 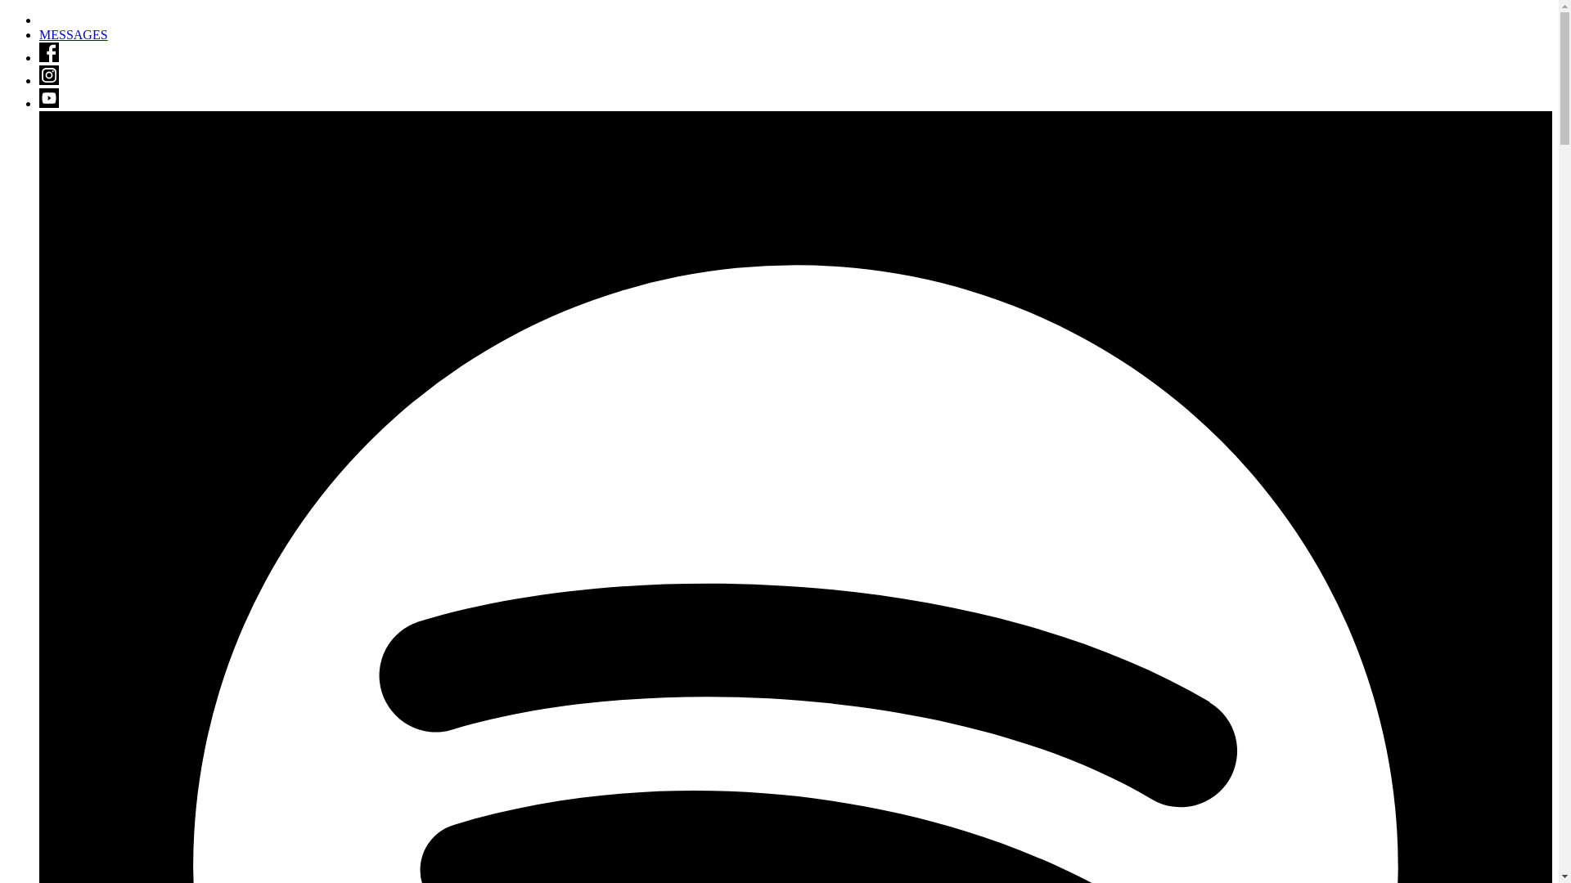 What do you see at coordinates (39, 34) in the screenshot?
I see `'MESSAGES'` at bounding box center [39, 34].